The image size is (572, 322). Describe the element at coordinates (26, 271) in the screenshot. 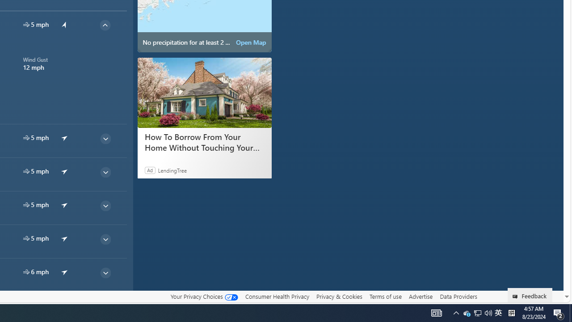

I see `'hourlyTable/wind'` at that location.